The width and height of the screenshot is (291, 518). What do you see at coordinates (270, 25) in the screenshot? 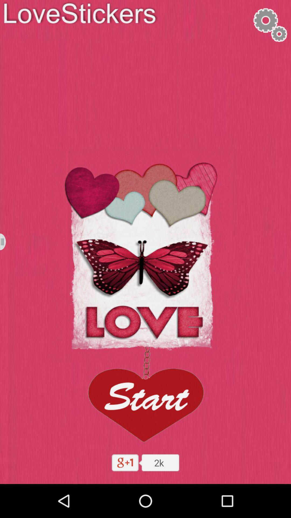
I see `settings symbol` at bounding box center [270, 25].